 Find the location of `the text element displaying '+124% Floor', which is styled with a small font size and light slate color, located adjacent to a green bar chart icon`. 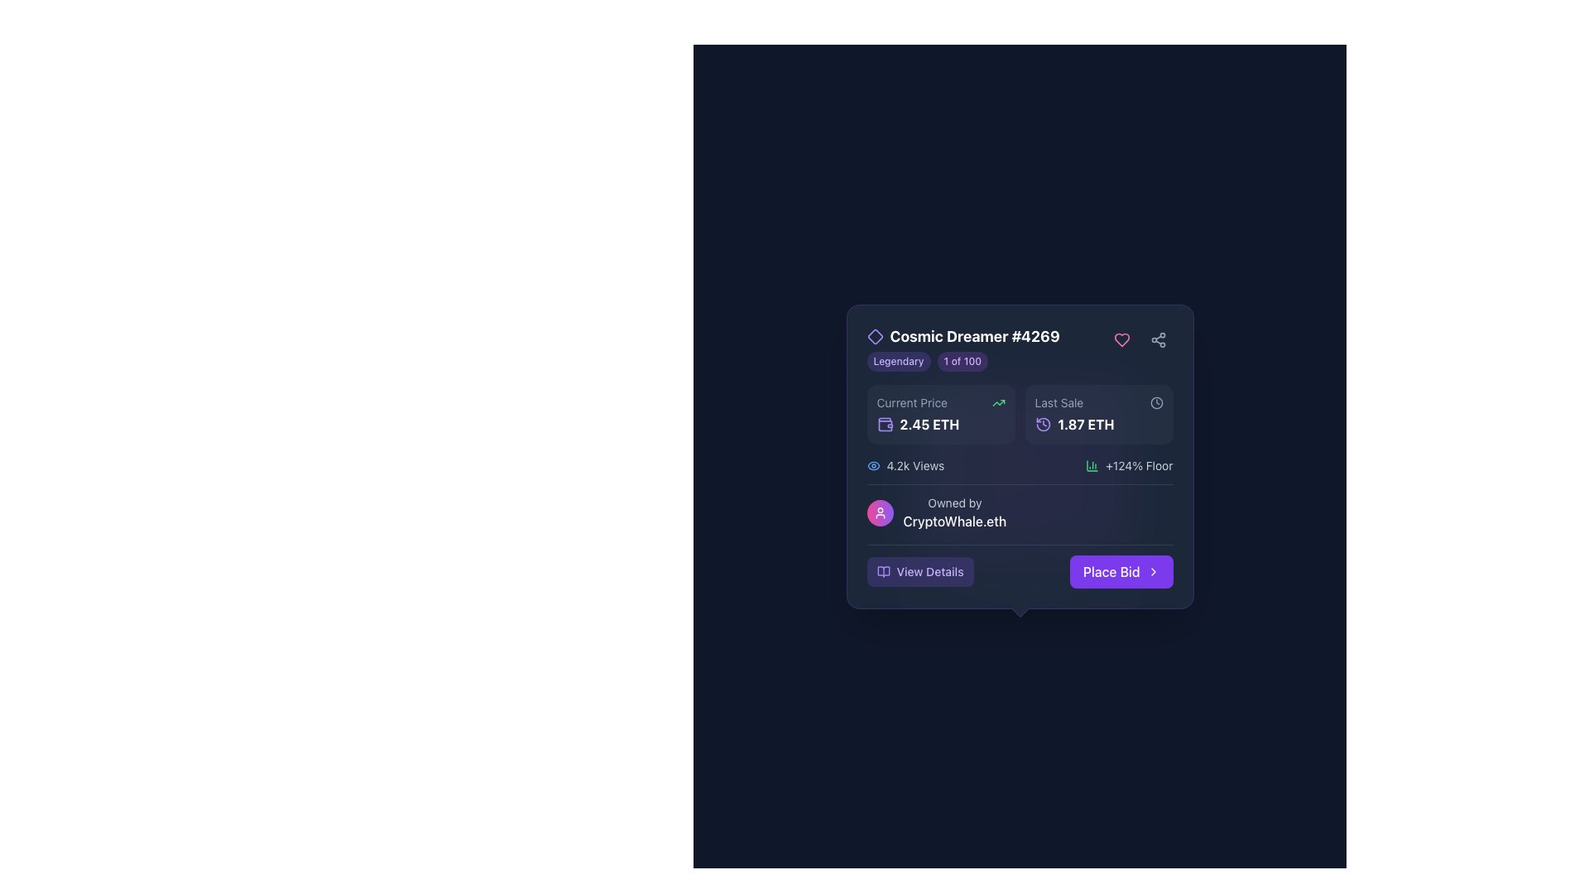

the text element displaying '+124% Floor', which is styled with a small font size and light slate color, located adjacent to a green bar chart icon is located at coordinates (1138, 466).